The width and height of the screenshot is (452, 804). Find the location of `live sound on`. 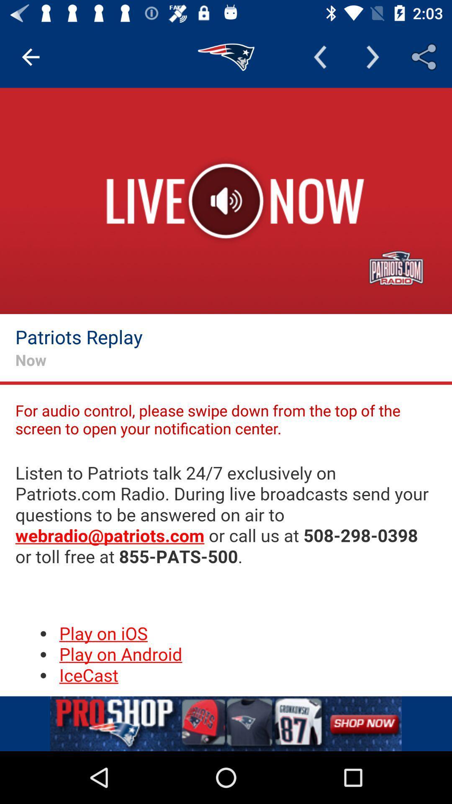

live sound on is located at coordinates (226, 201).